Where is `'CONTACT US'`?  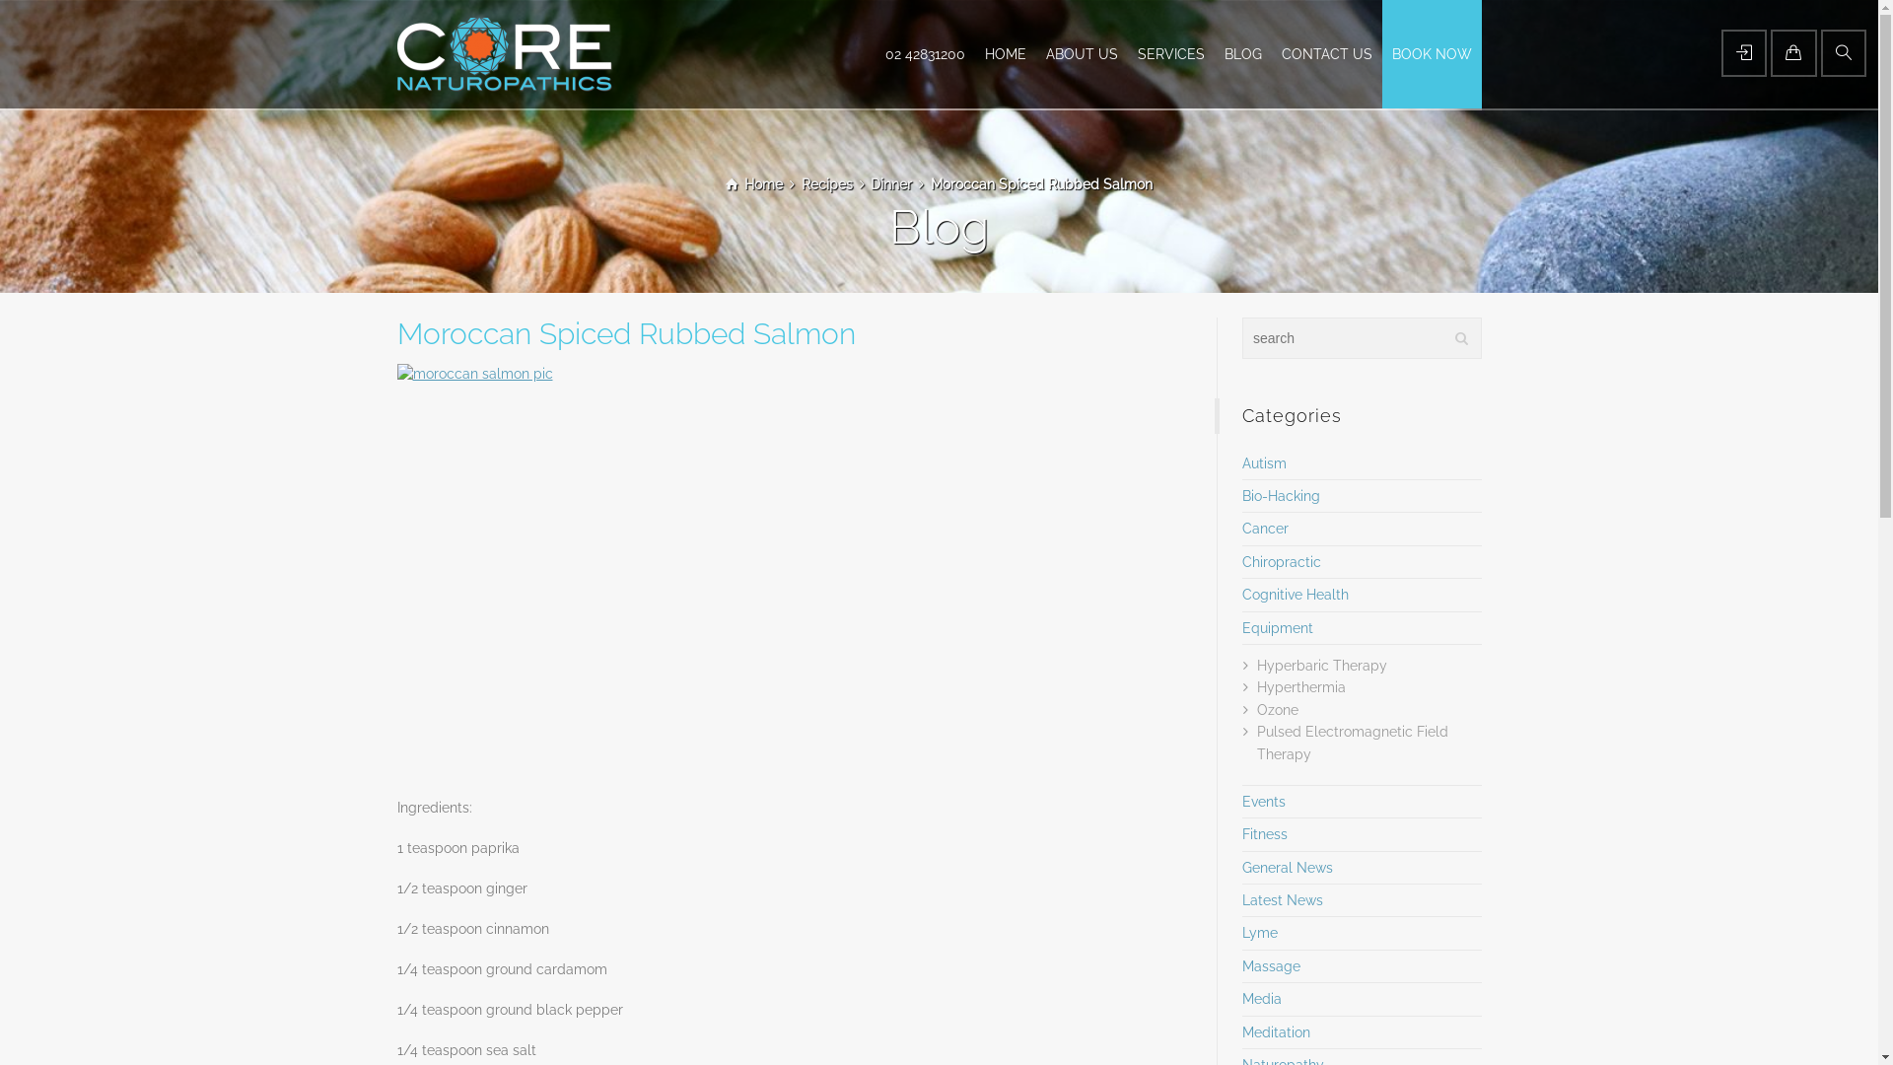 'CONTACT US' is located at coordinates (1326, 52).